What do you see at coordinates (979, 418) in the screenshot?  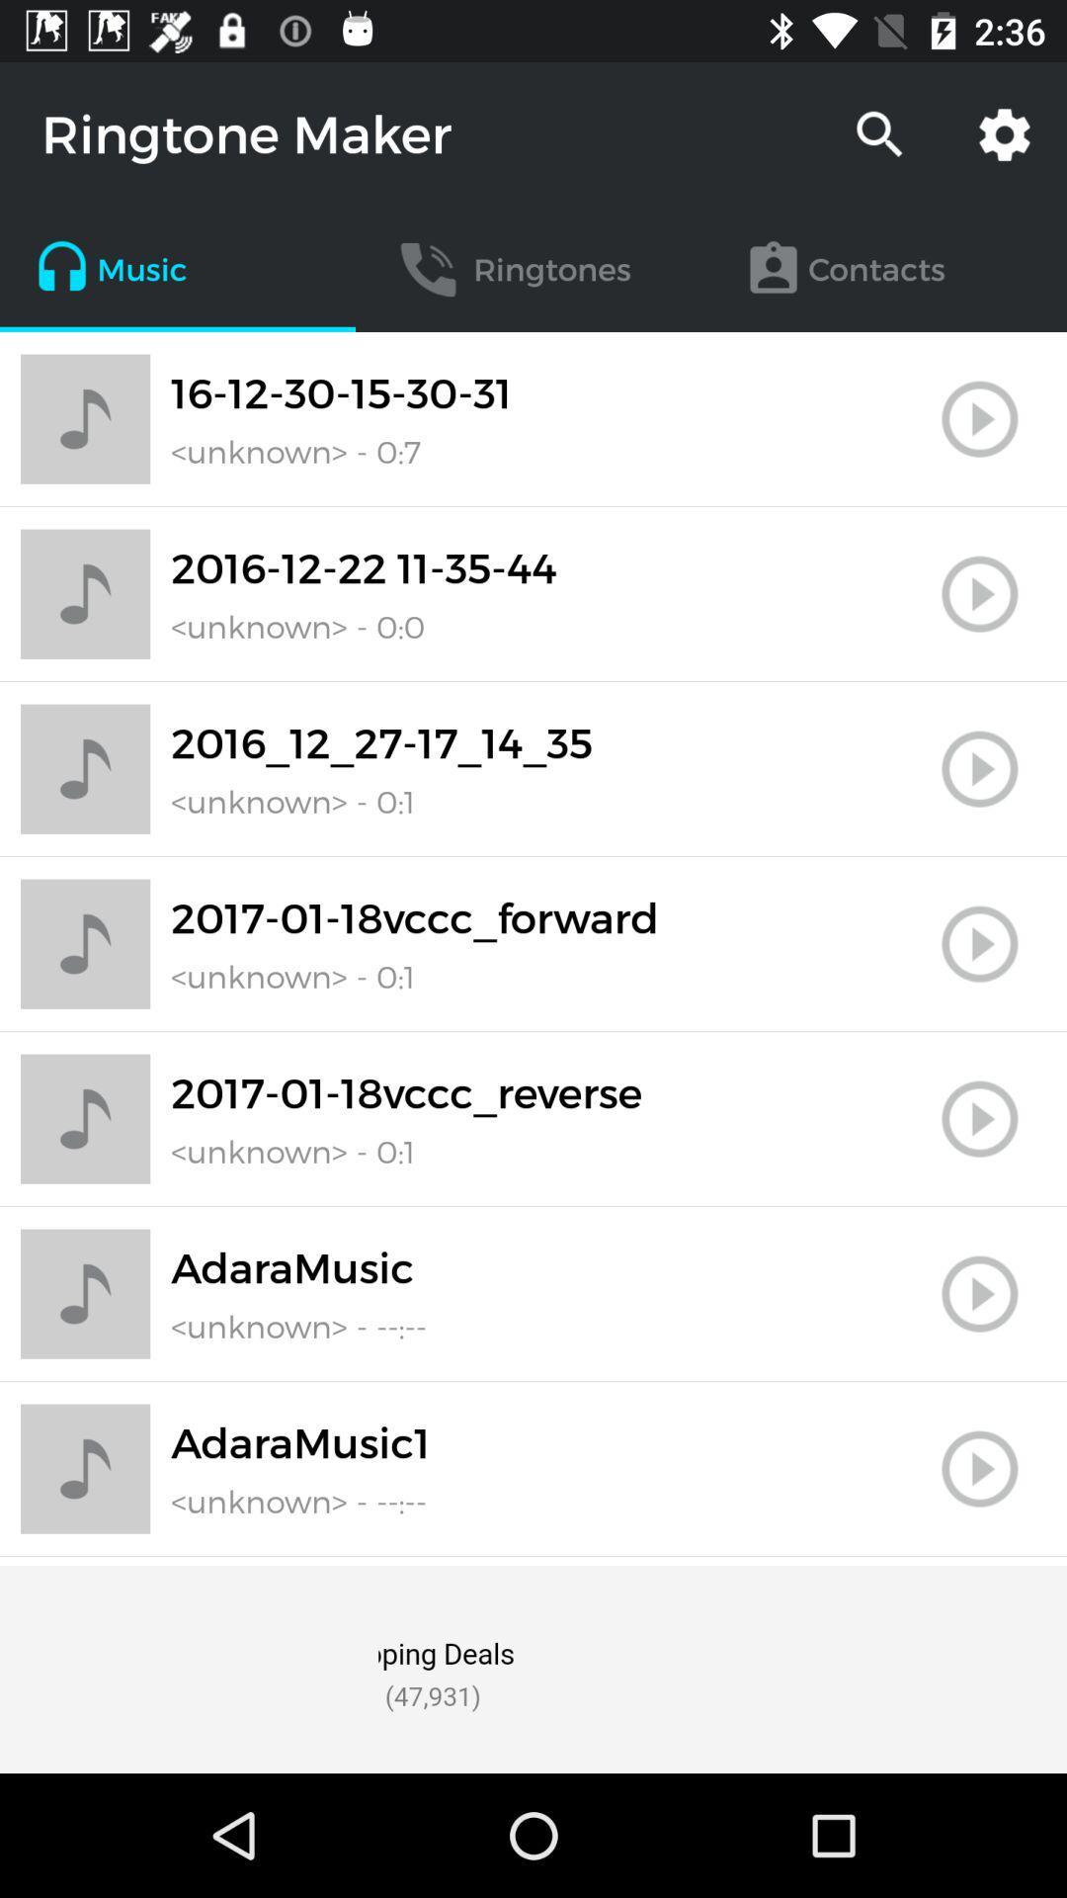 I see `play` at bounding box center [979, 418].